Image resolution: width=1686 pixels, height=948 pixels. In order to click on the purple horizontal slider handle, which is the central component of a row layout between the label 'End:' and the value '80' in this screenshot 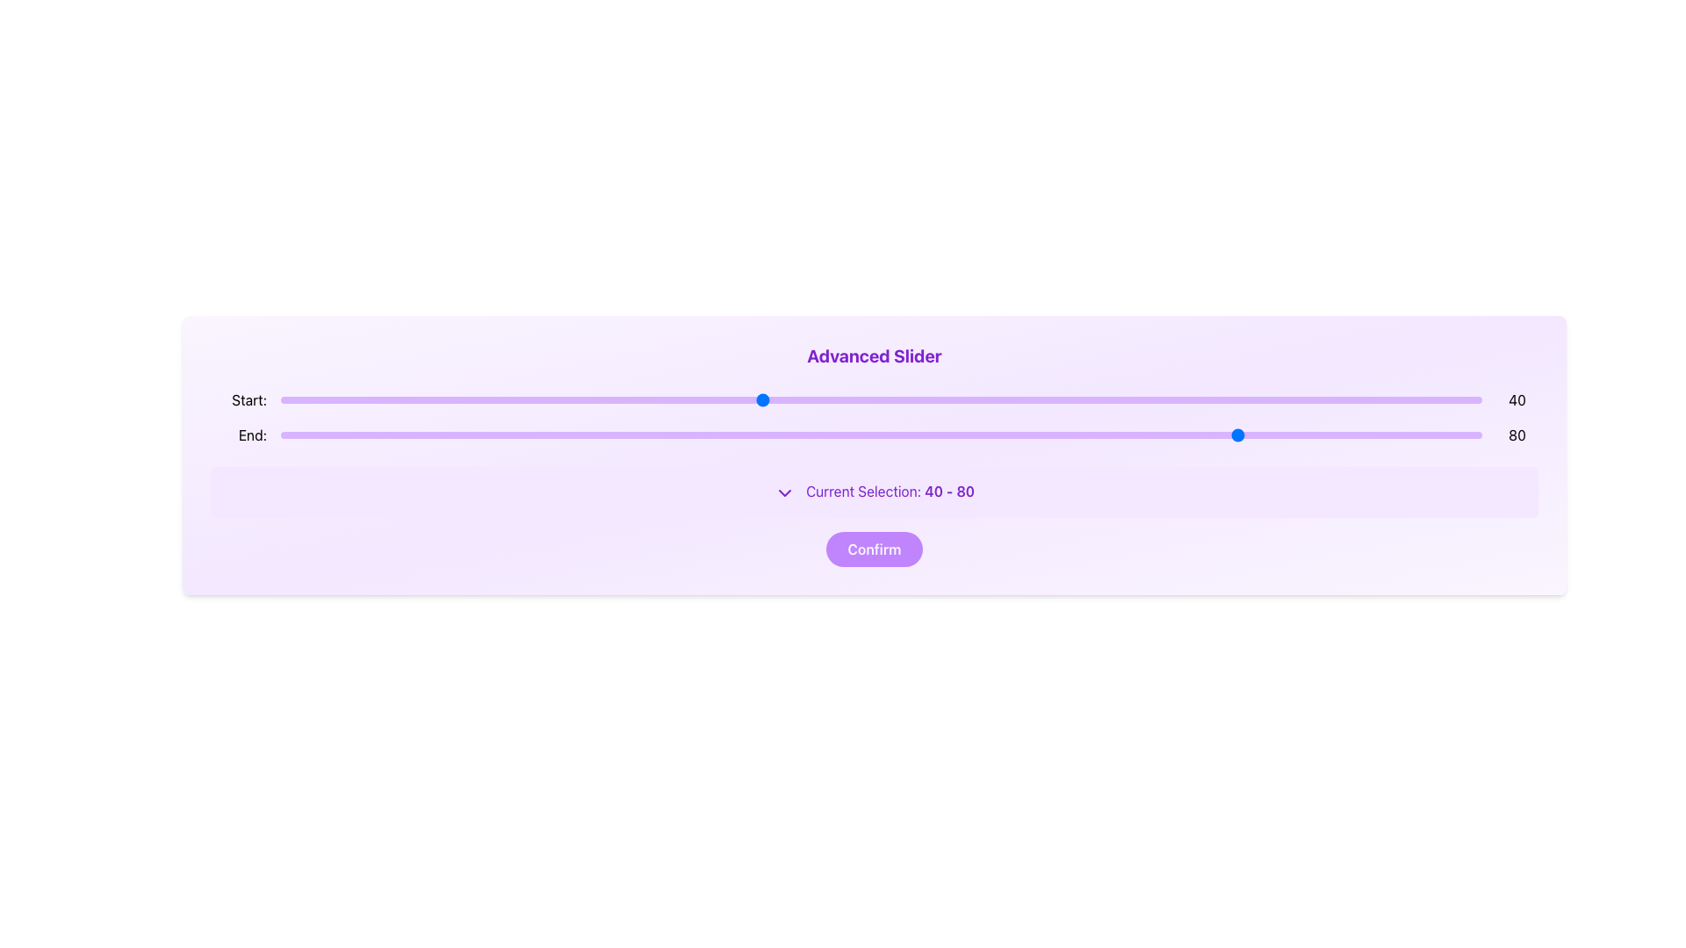, I will do `click(881, 434)`.